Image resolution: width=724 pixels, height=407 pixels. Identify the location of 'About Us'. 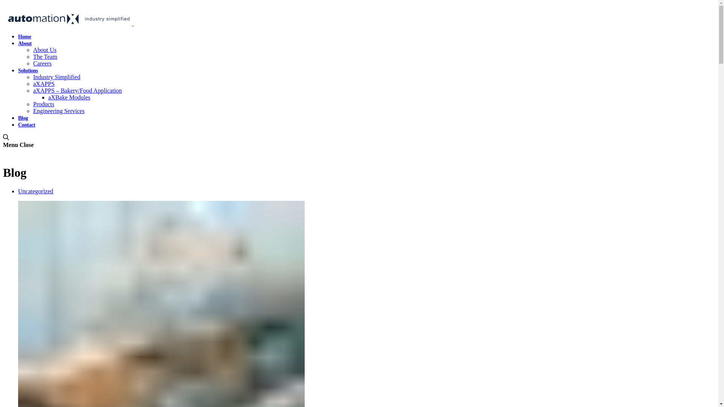
(32, 50).